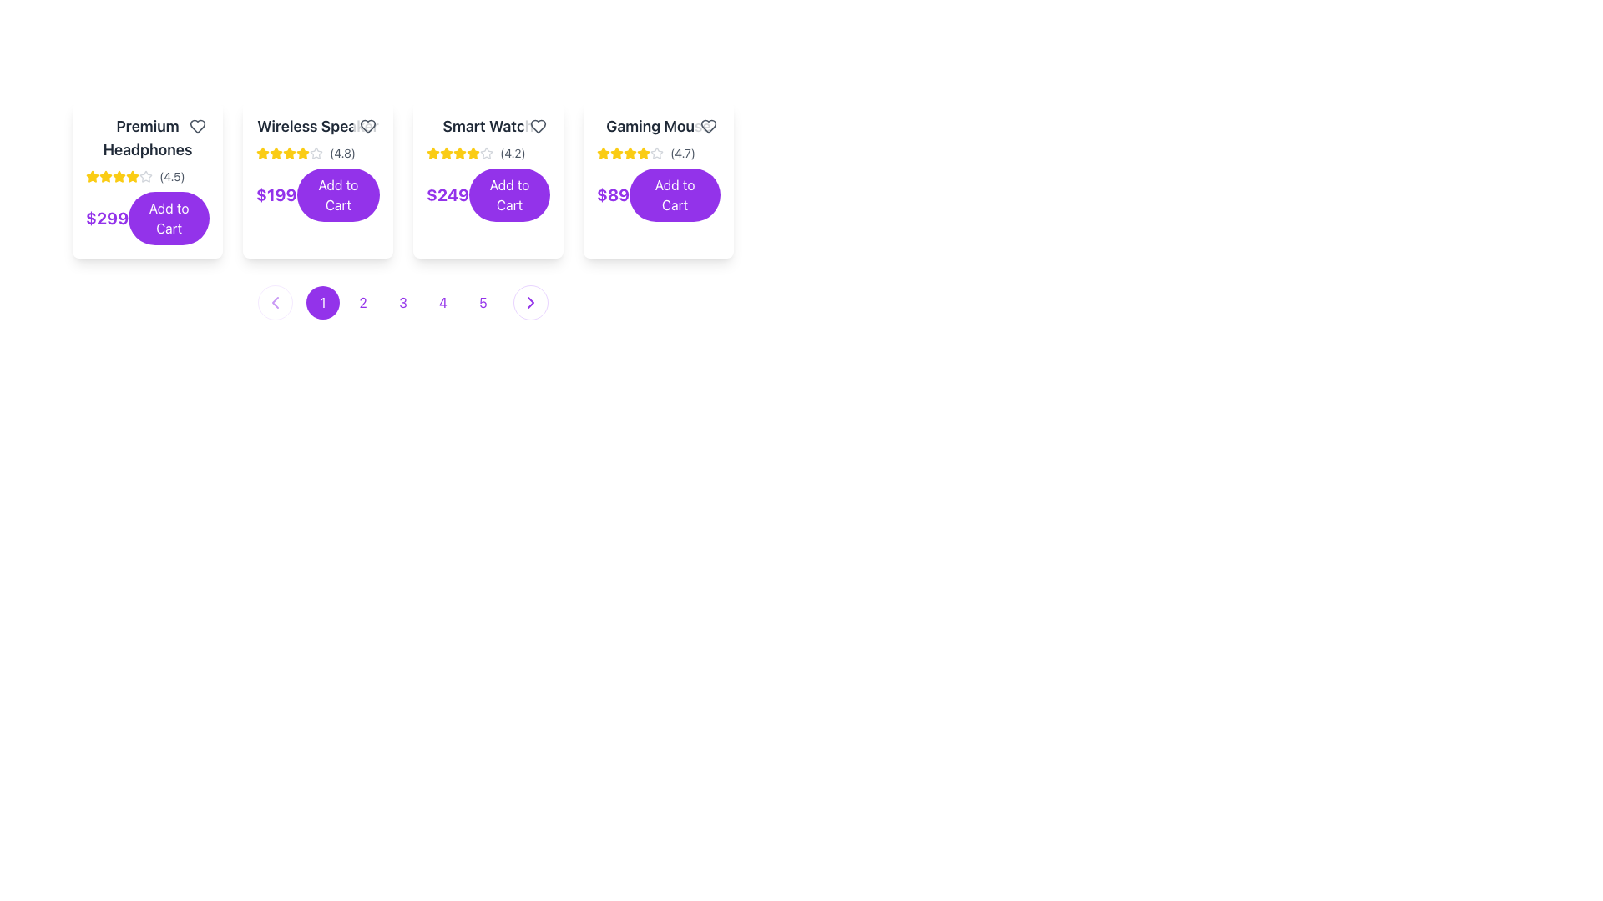 The height and width of the screenshot is (901, 1603). Describe the element at coordinates (709, 125) in the screenshot. I see `the heart-shaped icon indicating the 'favorite' or 'wishlist' feature located at the top right corner of the 'Gaming Mouse' product card` at that location.